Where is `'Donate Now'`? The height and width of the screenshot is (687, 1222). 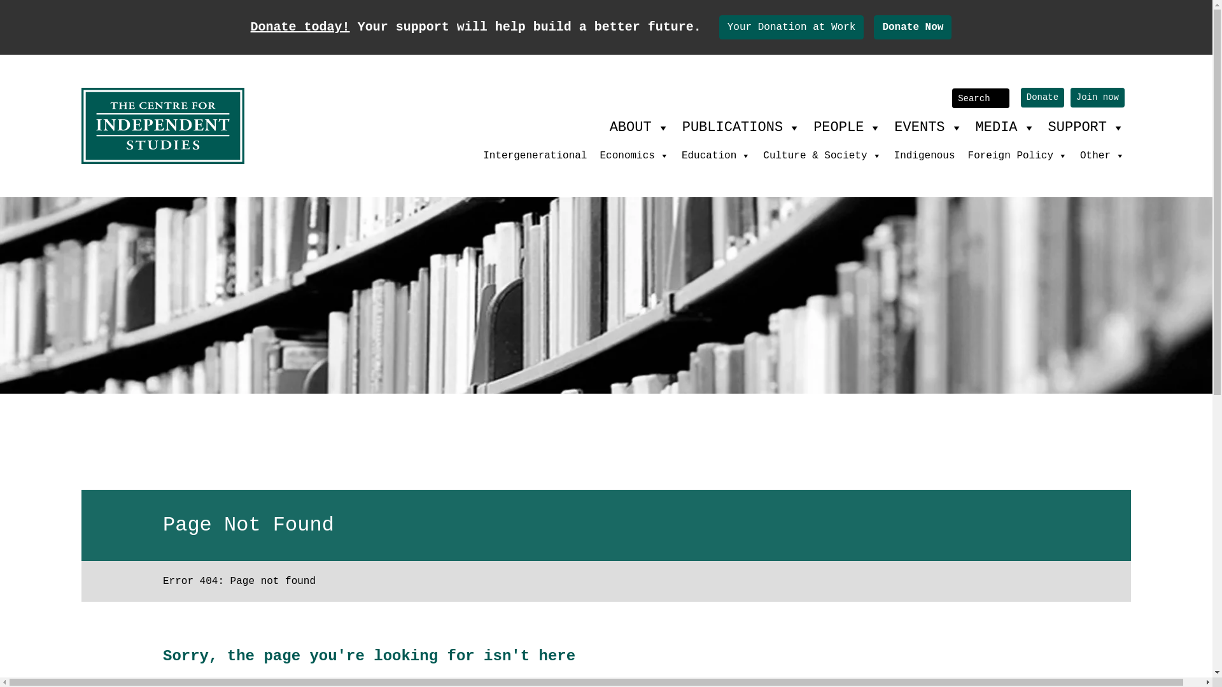 'Donate Now' is located at coordinates (912, 27).